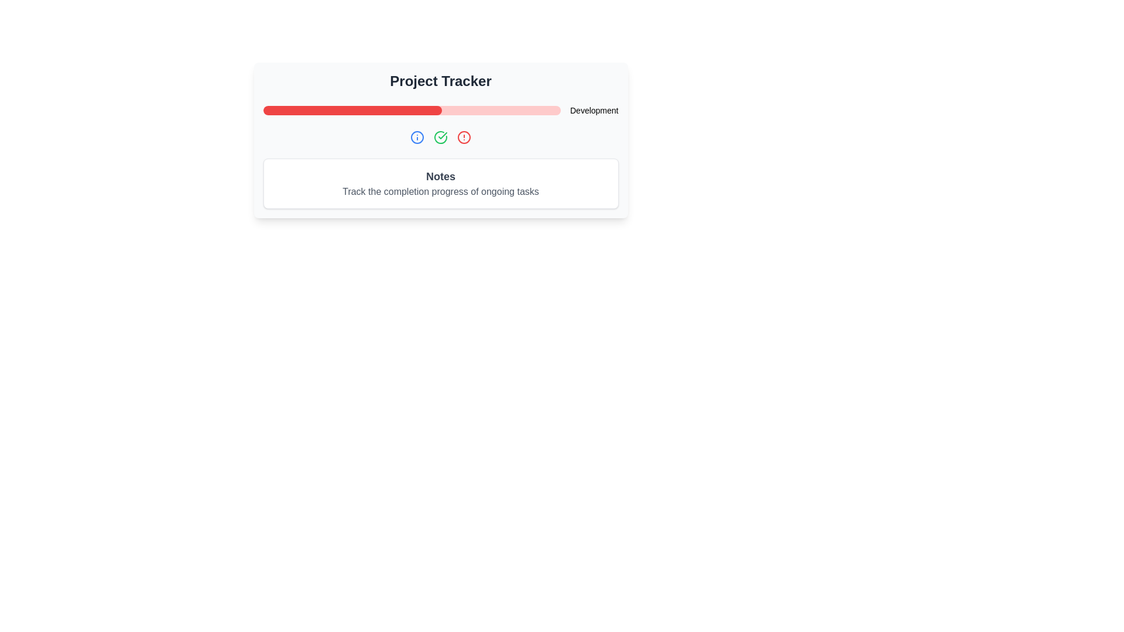 The image size is (1124, 632). Describe the element at coordinates (417, 137) in the screenshot. I see `the leftmost icon located below the progress bar, which serves as an indicator or button for additional information` at that location.